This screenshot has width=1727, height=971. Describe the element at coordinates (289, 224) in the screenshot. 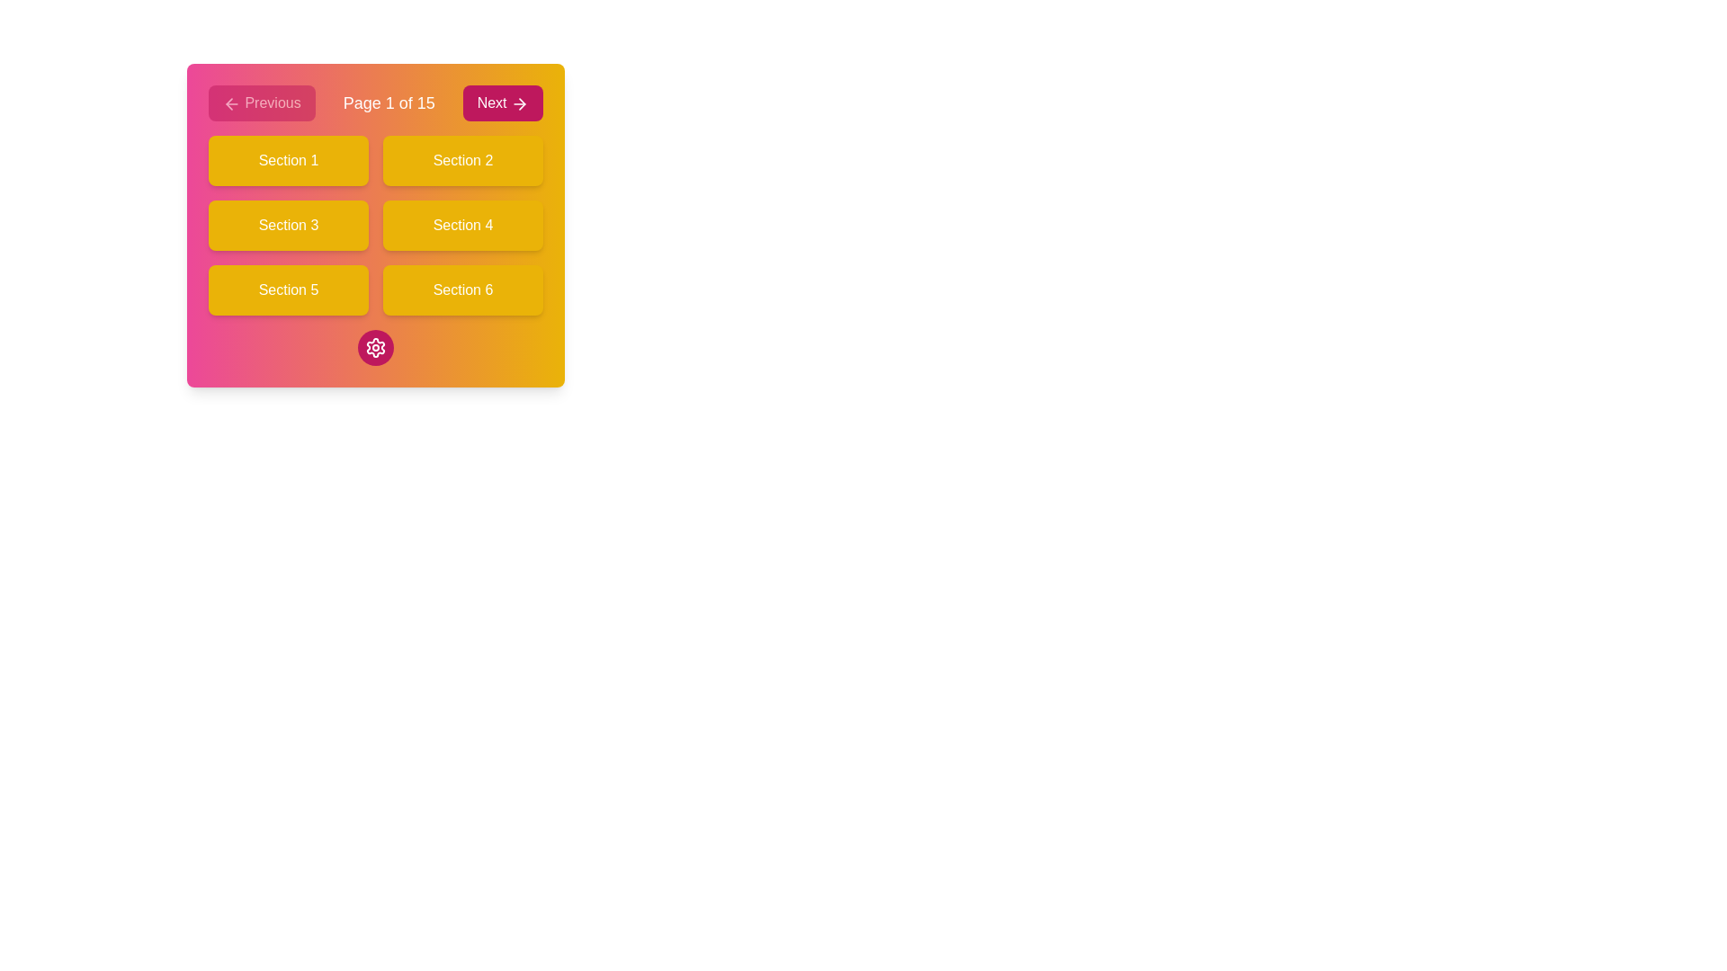

I see `the navigation button for 'Section 3'` at that location.